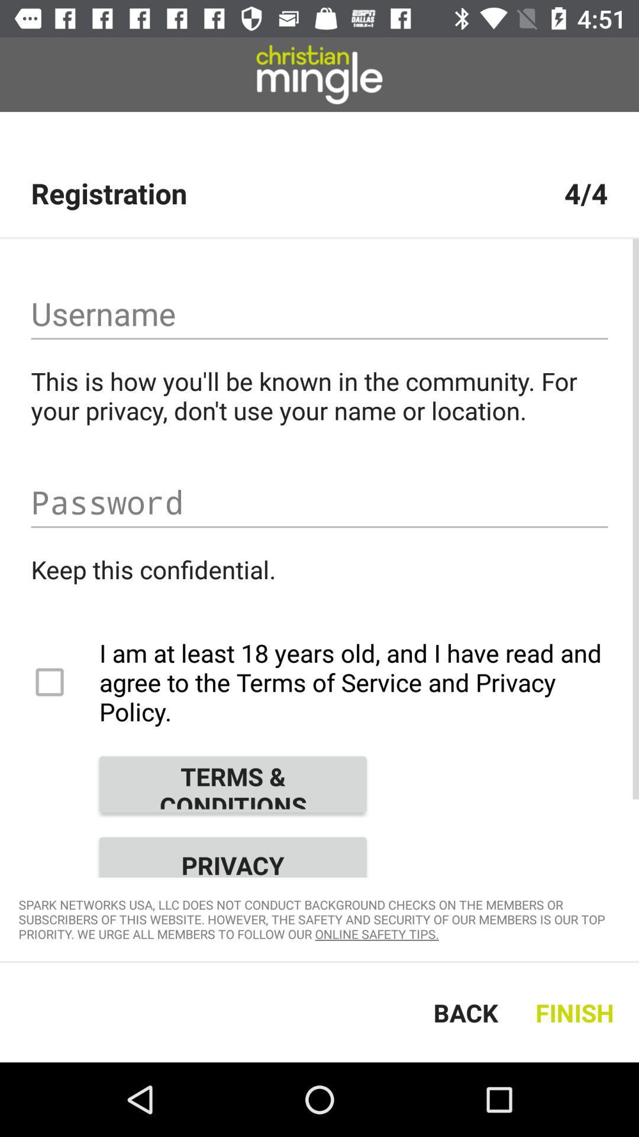 This screenshot has width=639, height=1137. I want to click on privacy button, so click(233, 853).